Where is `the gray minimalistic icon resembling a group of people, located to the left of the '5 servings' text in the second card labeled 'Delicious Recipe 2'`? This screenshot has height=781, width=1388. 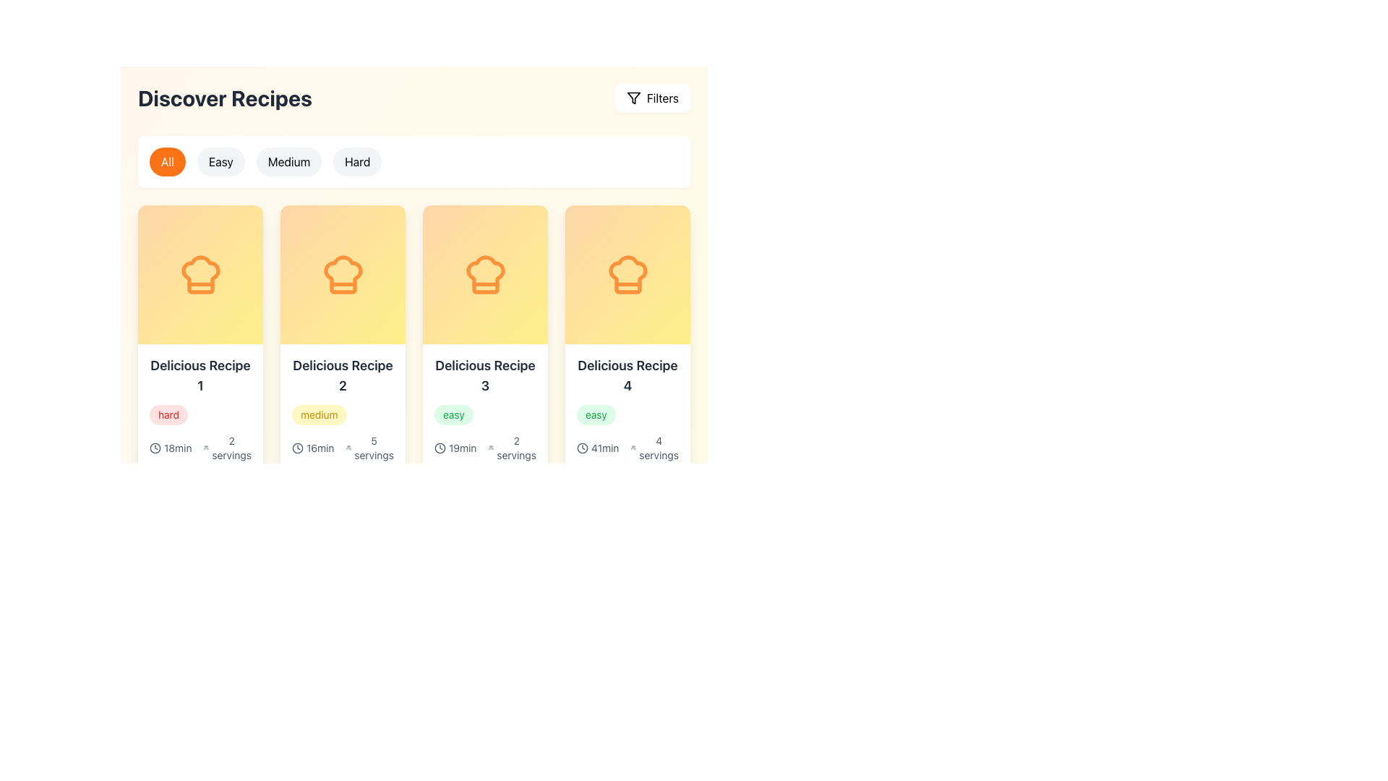 the gray minimalistic icon resembling a group of people, located to the left of the '5 servings' text in the second card labeled 'Delicious Recipe 2' is located at coordinates (348, 448).